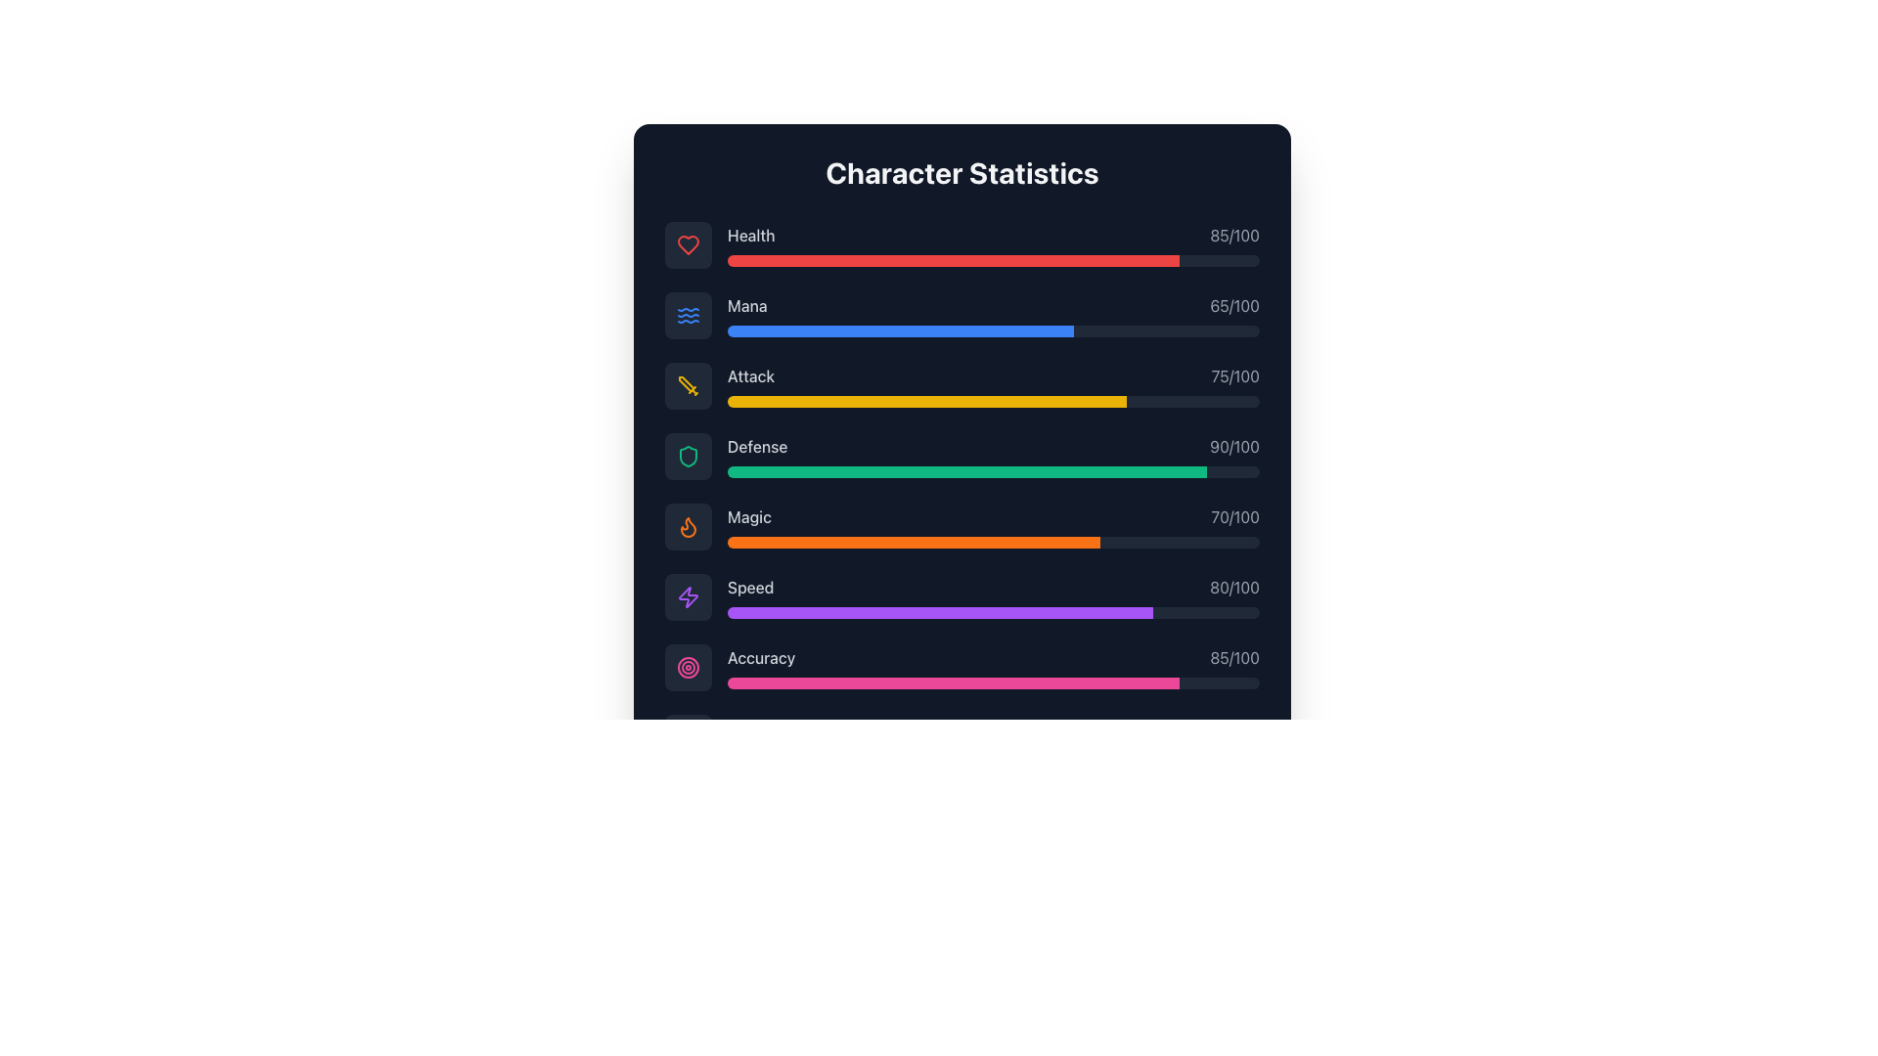 The height and width of the screenshot is (1056, 1878). I want to click on the eighth horizontal progress bar labeled 'Accuracy' with a fill indicating 85% completion, so click(994, 682).